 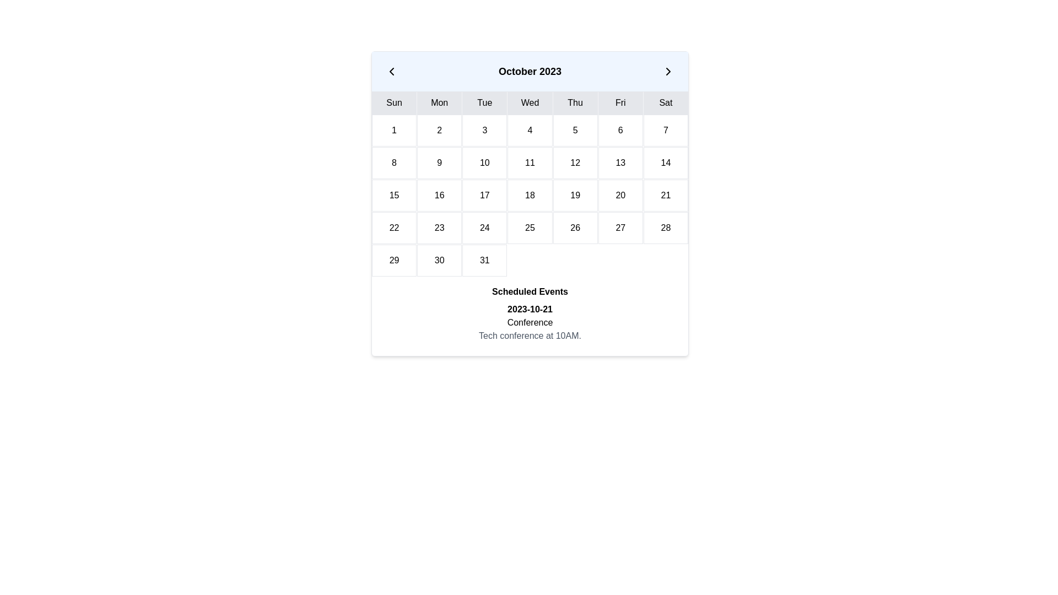 I want to click on the Calendar date tile representing the 19th, located in the third row and fifth column under the 'Thu' label, so click(x=575, y=194).